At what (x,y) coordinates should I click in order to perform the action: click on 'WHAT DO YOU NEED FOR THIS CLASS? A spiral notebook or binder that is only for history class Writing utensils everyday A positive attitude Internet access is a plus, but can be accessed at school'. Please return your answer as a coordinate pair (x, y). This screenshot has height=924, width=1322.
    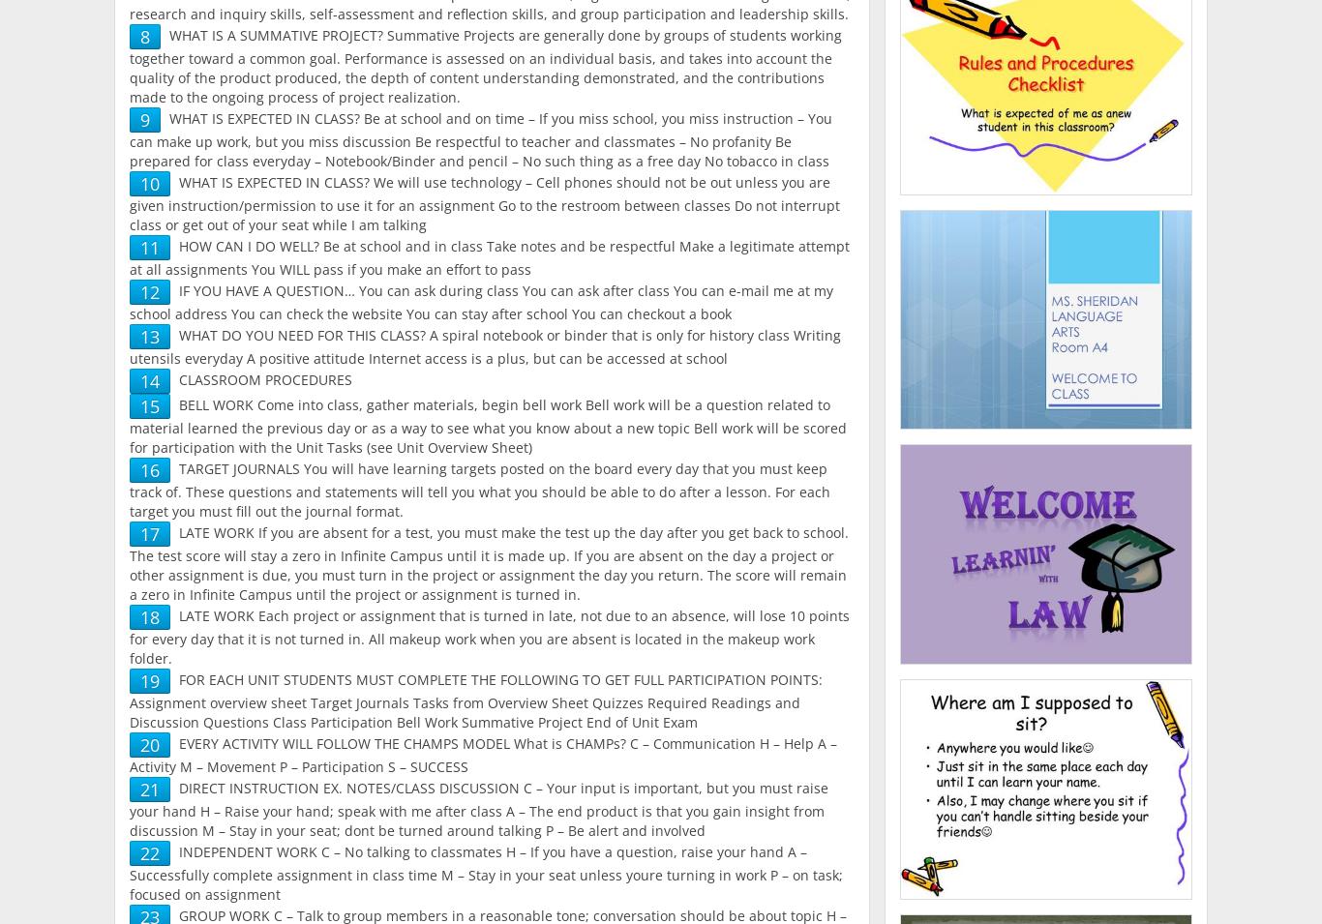
    Looking at the image, I should click on (129, 345).